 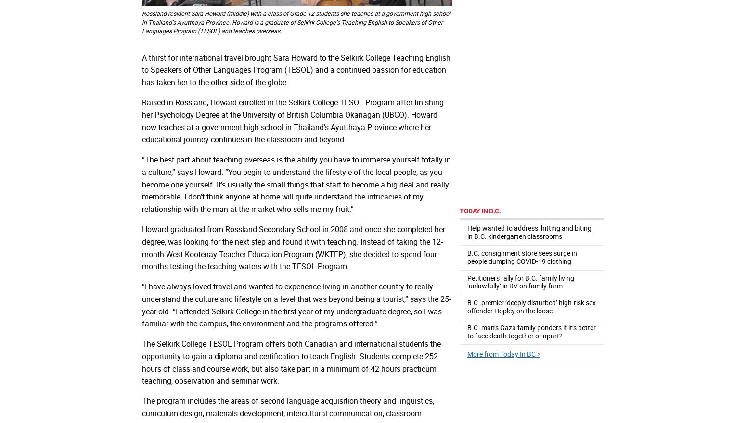 What do you see at coordinates (504, 353) in the screenshot?
I see `'More from Today In BC >'` at bounding box center [504, 353].